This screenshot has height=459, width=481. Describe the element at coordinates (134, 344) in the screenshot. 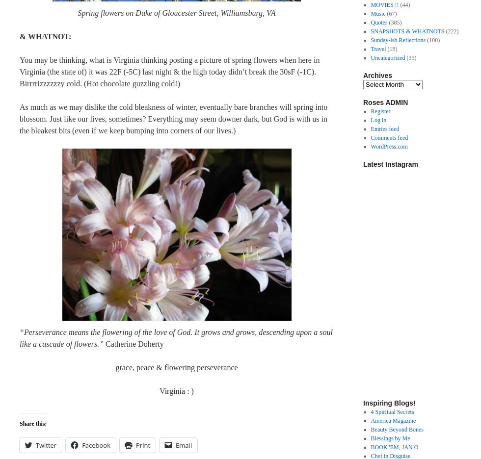

I see `'Catherine Doherty'` at that location.